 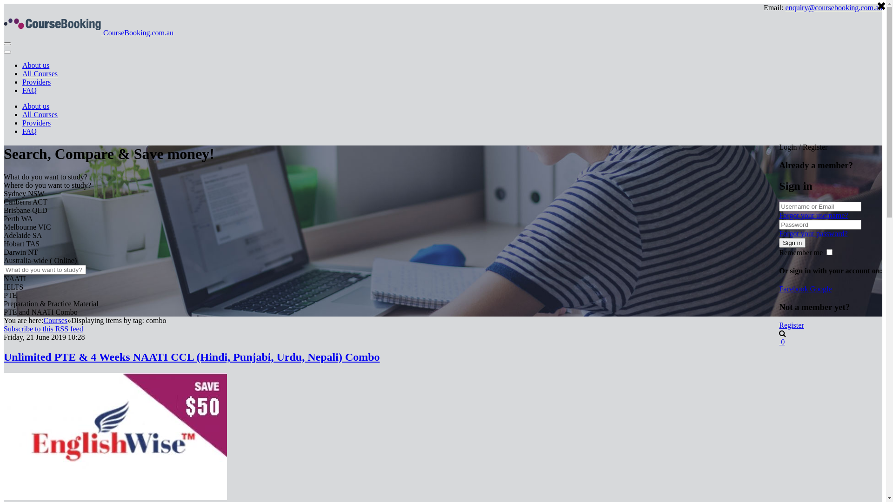 I want to click on 'Login / Register', so click(x=803, y=146).